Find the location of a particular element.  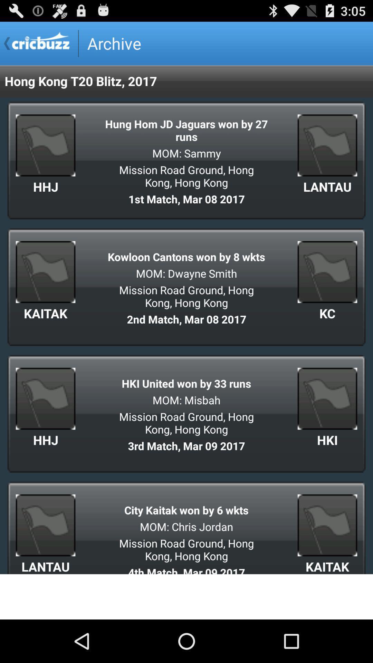

kc icon is located at coordinates (327, 313).